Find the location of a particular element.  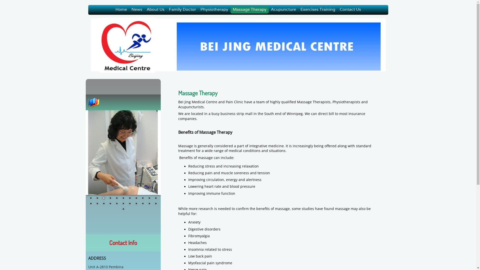

'8' is located at coordinates (136, 198).